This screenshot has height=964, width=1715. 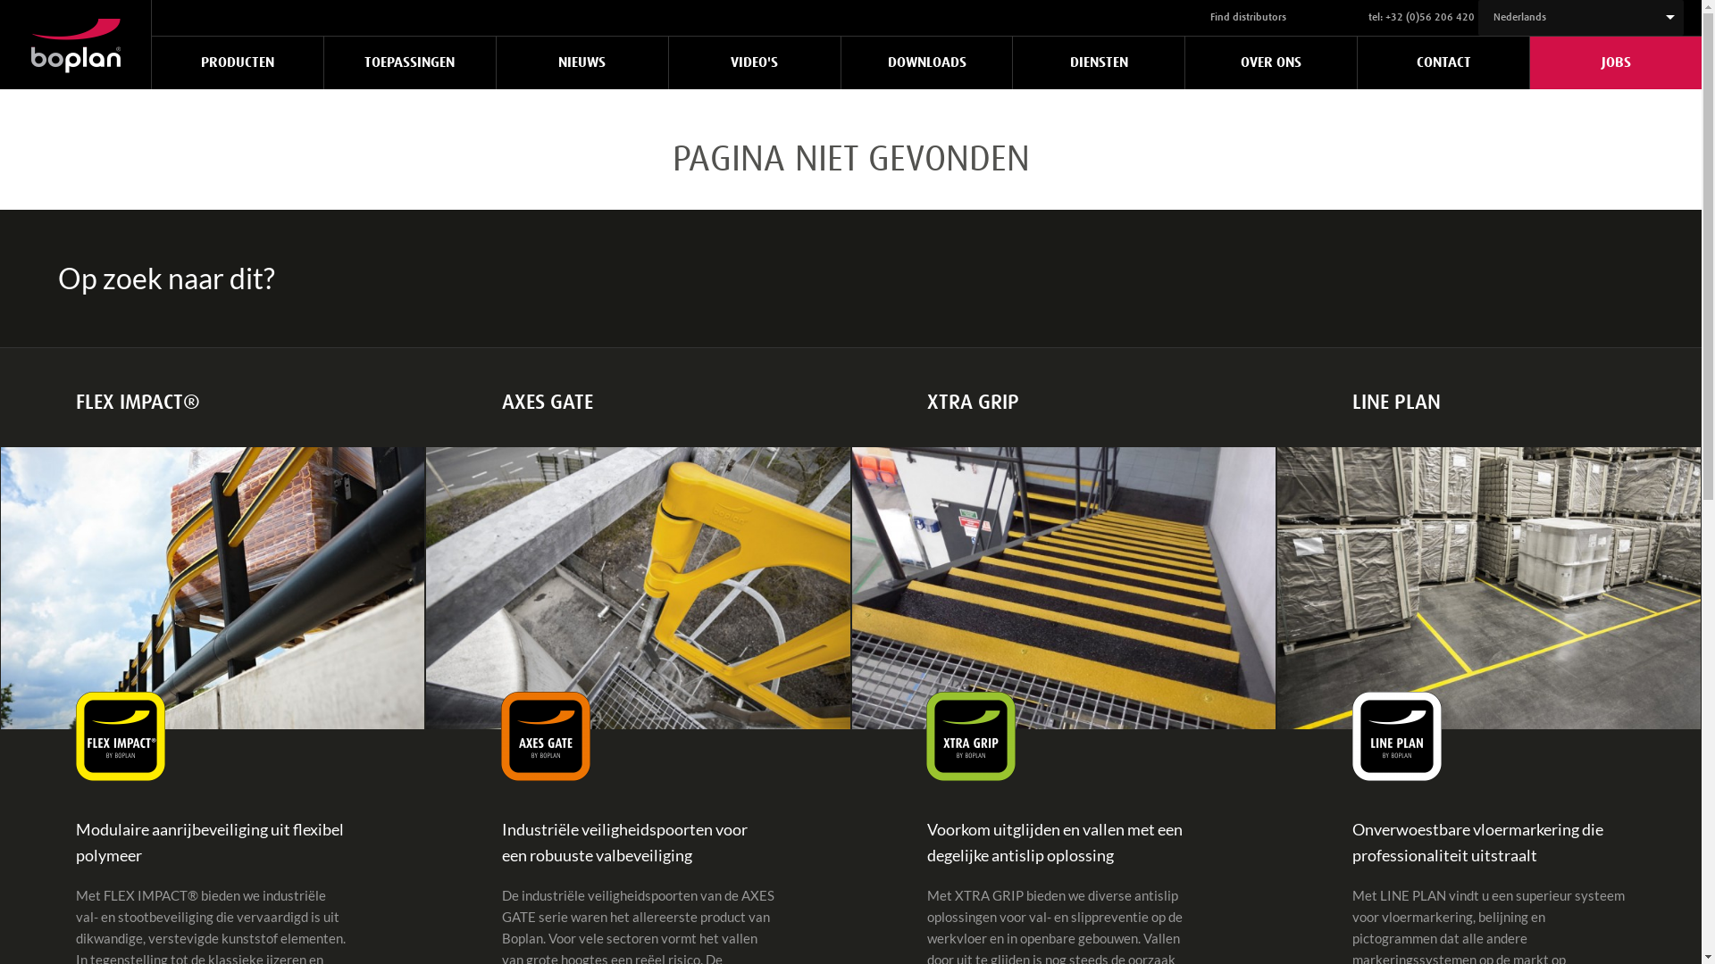 I want to click on 'TOEPASSINGEN', so click(x=409, y=62).